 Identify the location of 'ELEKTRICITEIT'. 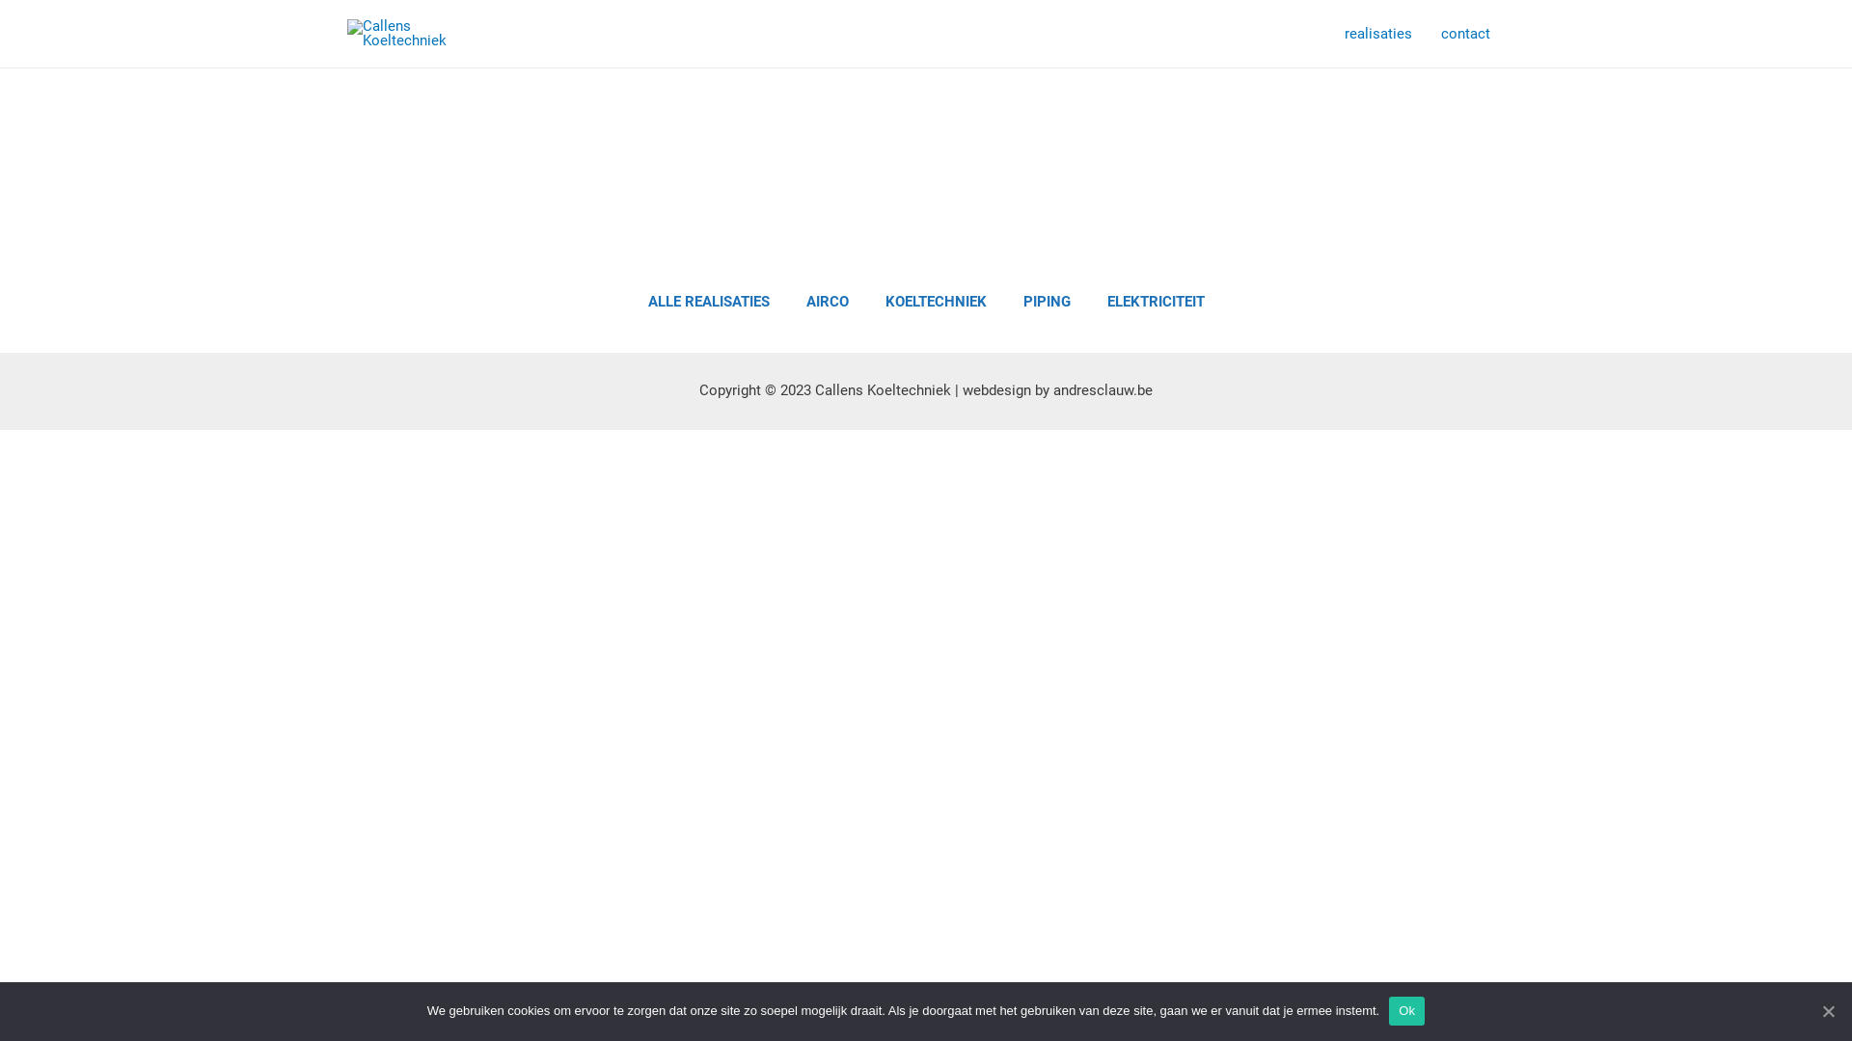
(1156, 302).